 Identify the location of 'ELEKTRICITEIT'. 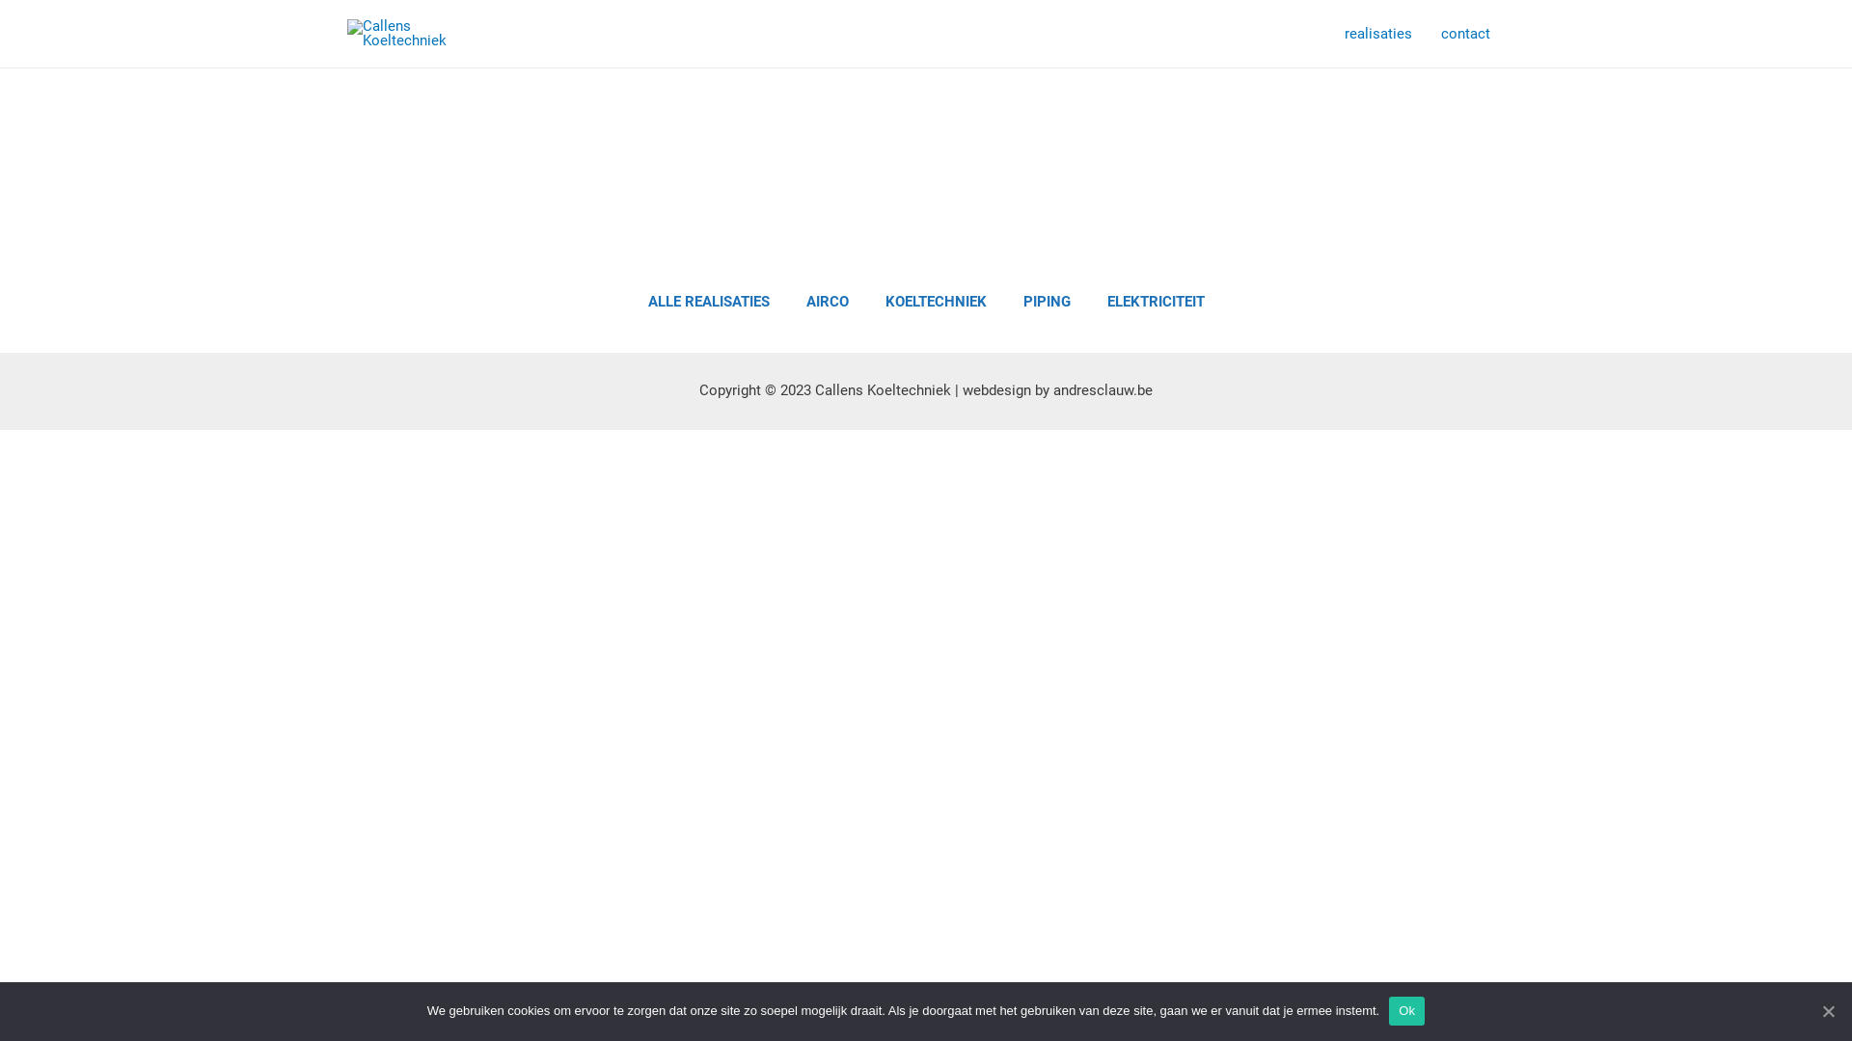
(1156, 302).